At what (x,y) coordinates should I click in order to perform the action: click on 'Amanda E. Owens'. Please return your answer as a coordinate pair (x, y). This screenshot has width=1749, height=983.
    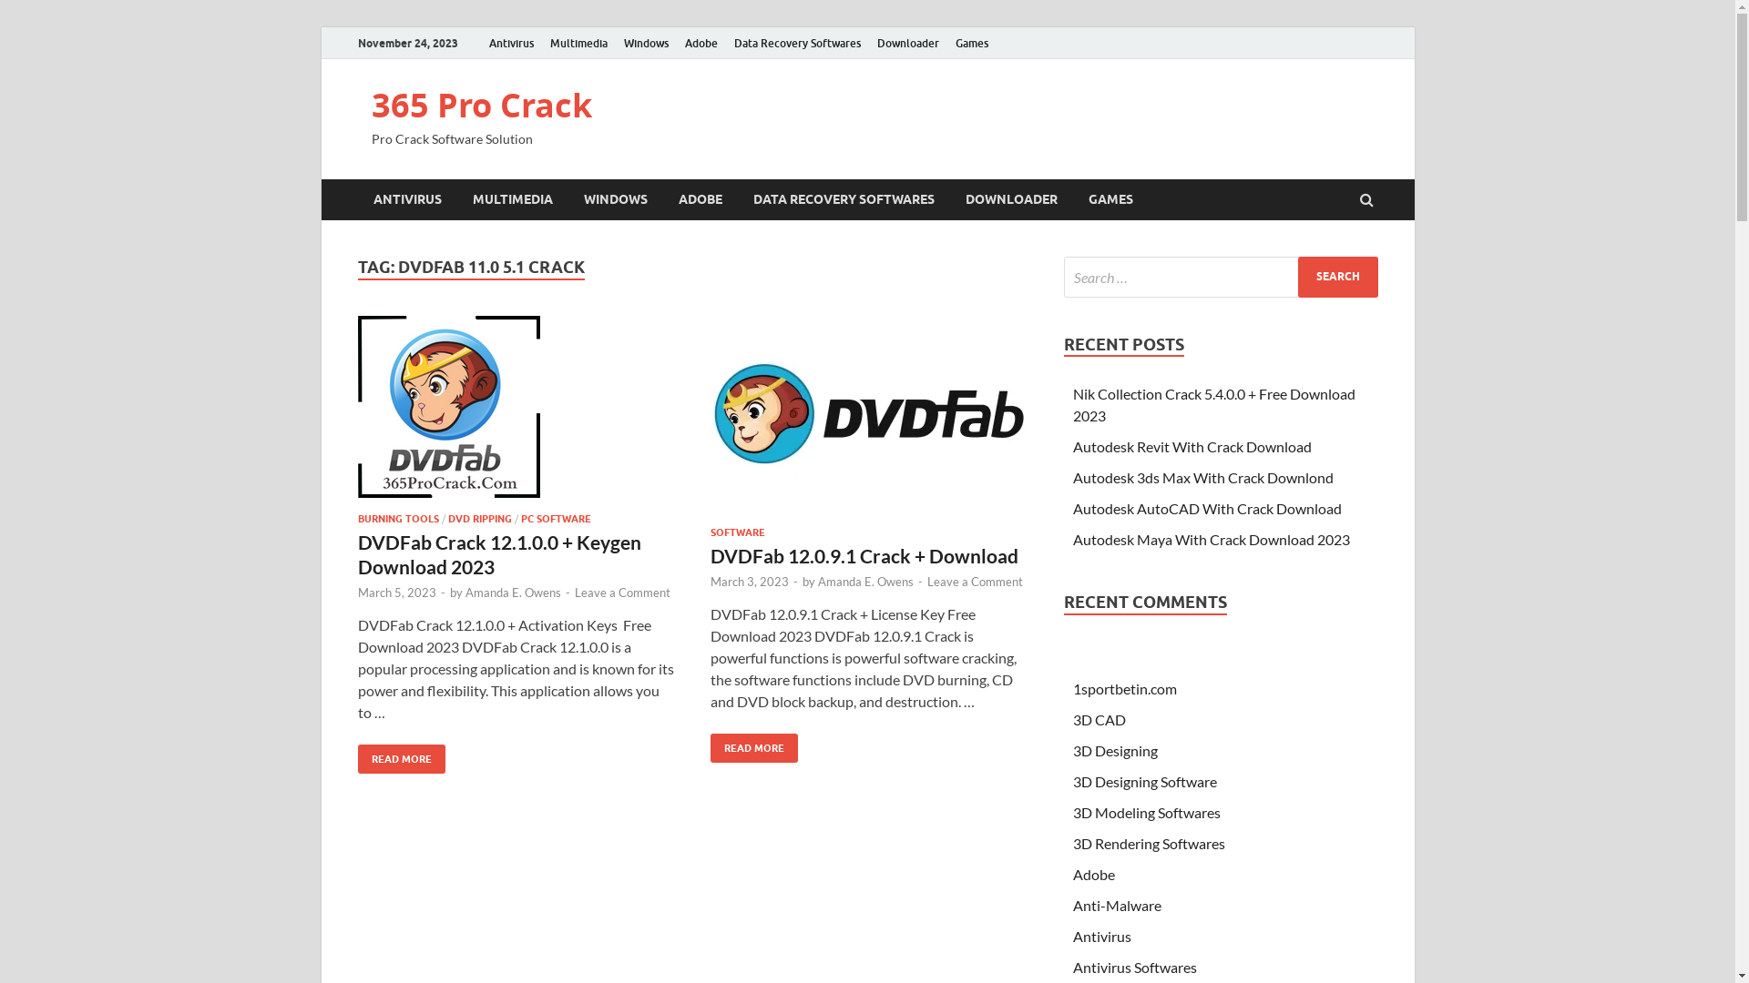
    Looking at the image, I should click on (864, 582).